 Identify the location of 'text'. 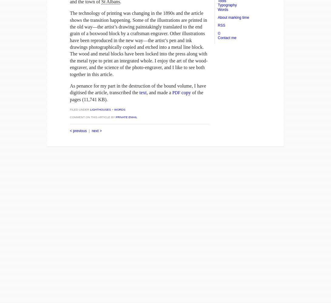
(142, 92).